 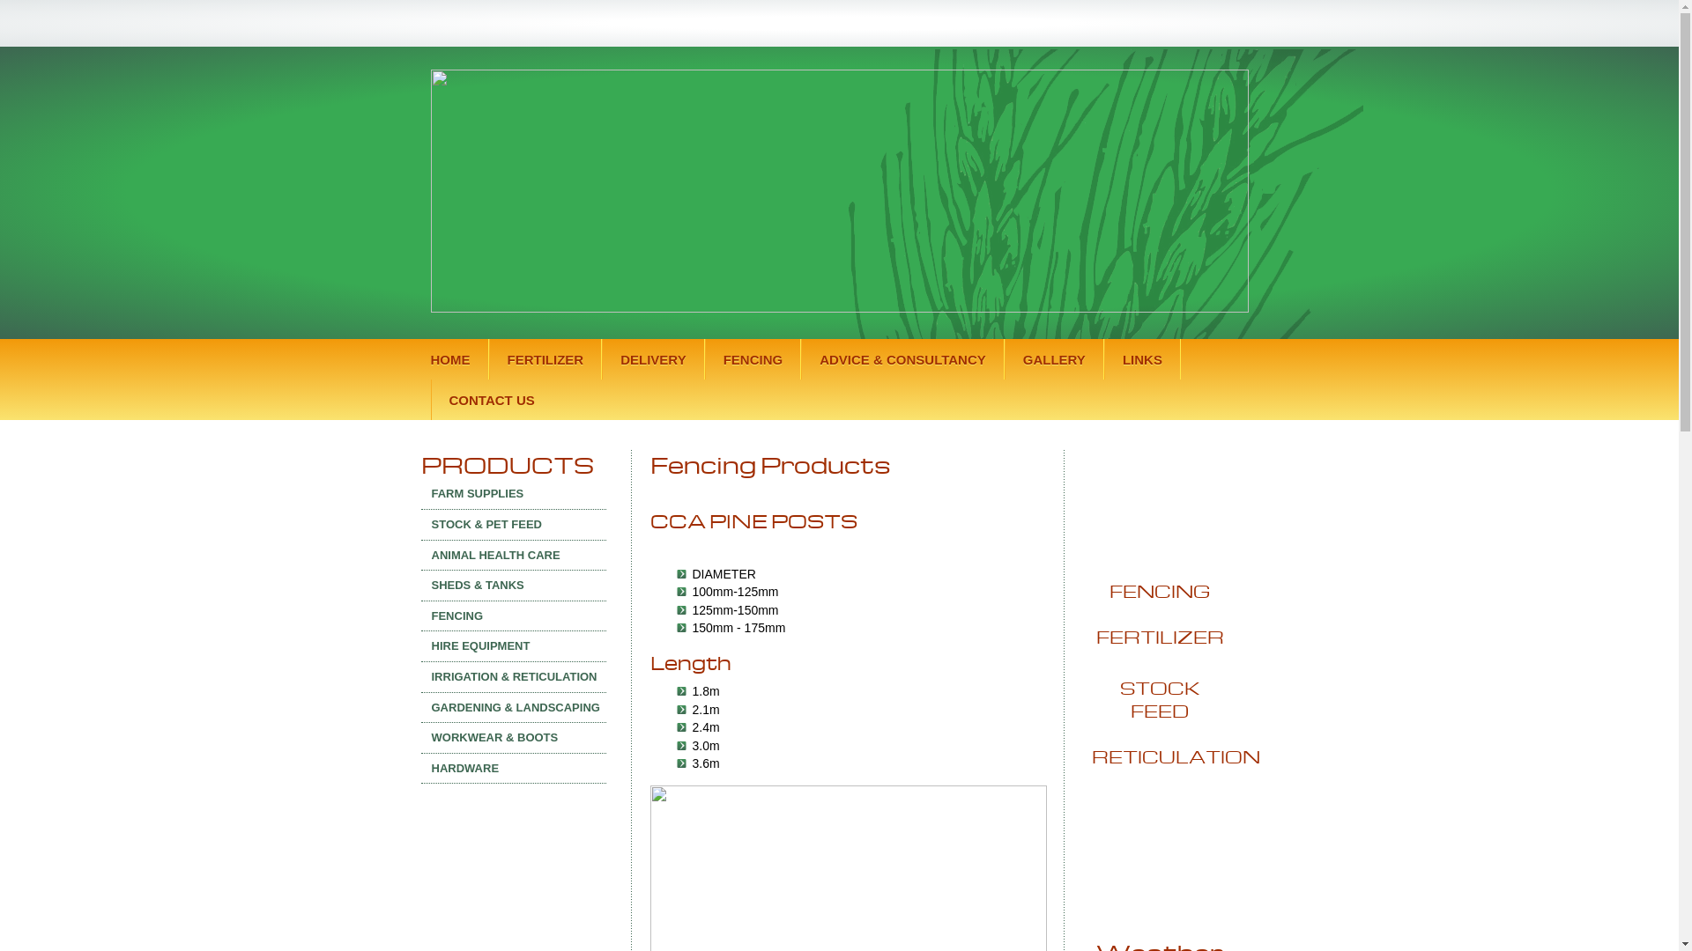 I want to click on 'IRRIGATION & RETICULATION', so click(x=512, y=675).